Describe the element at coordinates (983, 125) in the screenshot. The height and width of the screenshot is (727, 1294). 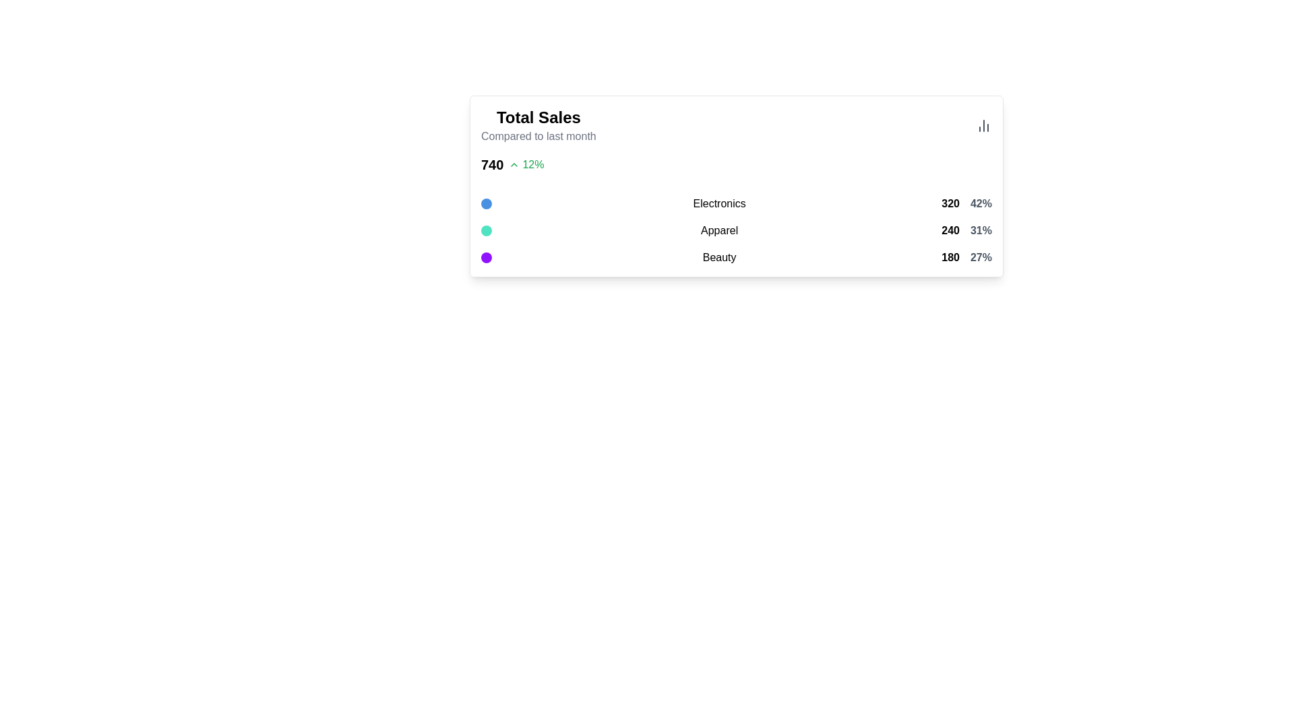
I see `the small gray icon representing a bar chart located` at that location.